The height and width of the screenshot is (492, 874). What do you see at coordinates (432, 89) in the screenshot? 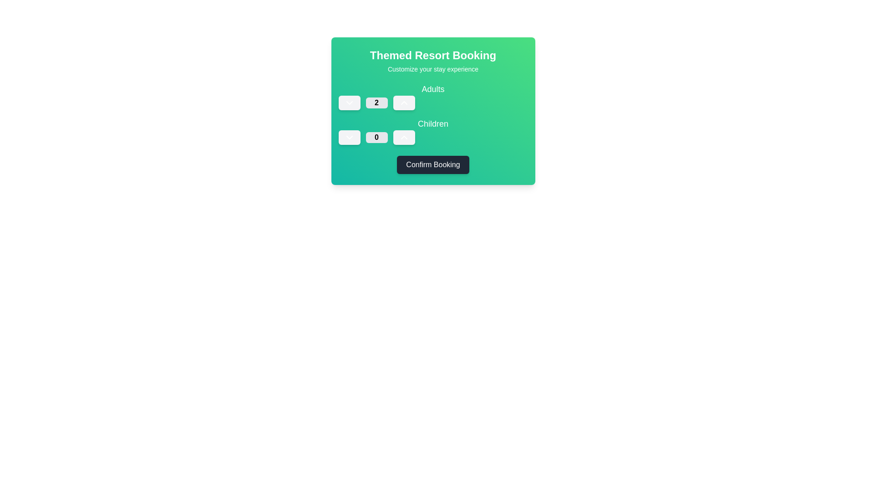
I see `the 'Adults' text label, which is displayed in a large white font against a green gradient background, positioned directly above the adult quantity selection controls` at bounding box center [432, 89].